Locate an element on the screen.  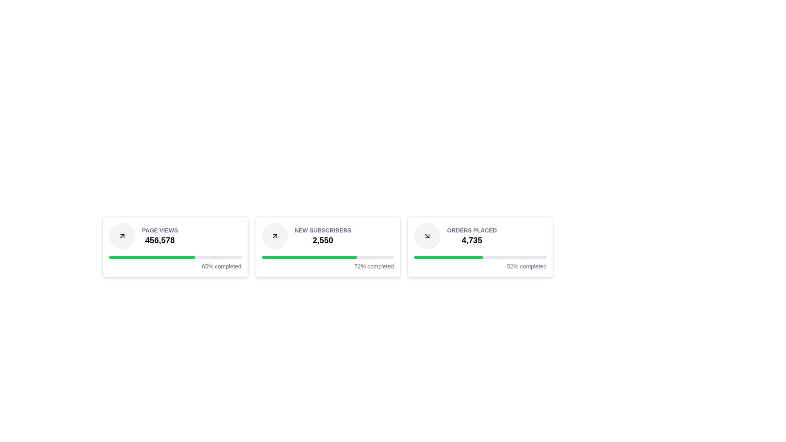
displayed information from the 'PAGE VIEWS' information panel, which includes the number '456,578' and the progress '65% completed' is located at coordinates (175, 246).